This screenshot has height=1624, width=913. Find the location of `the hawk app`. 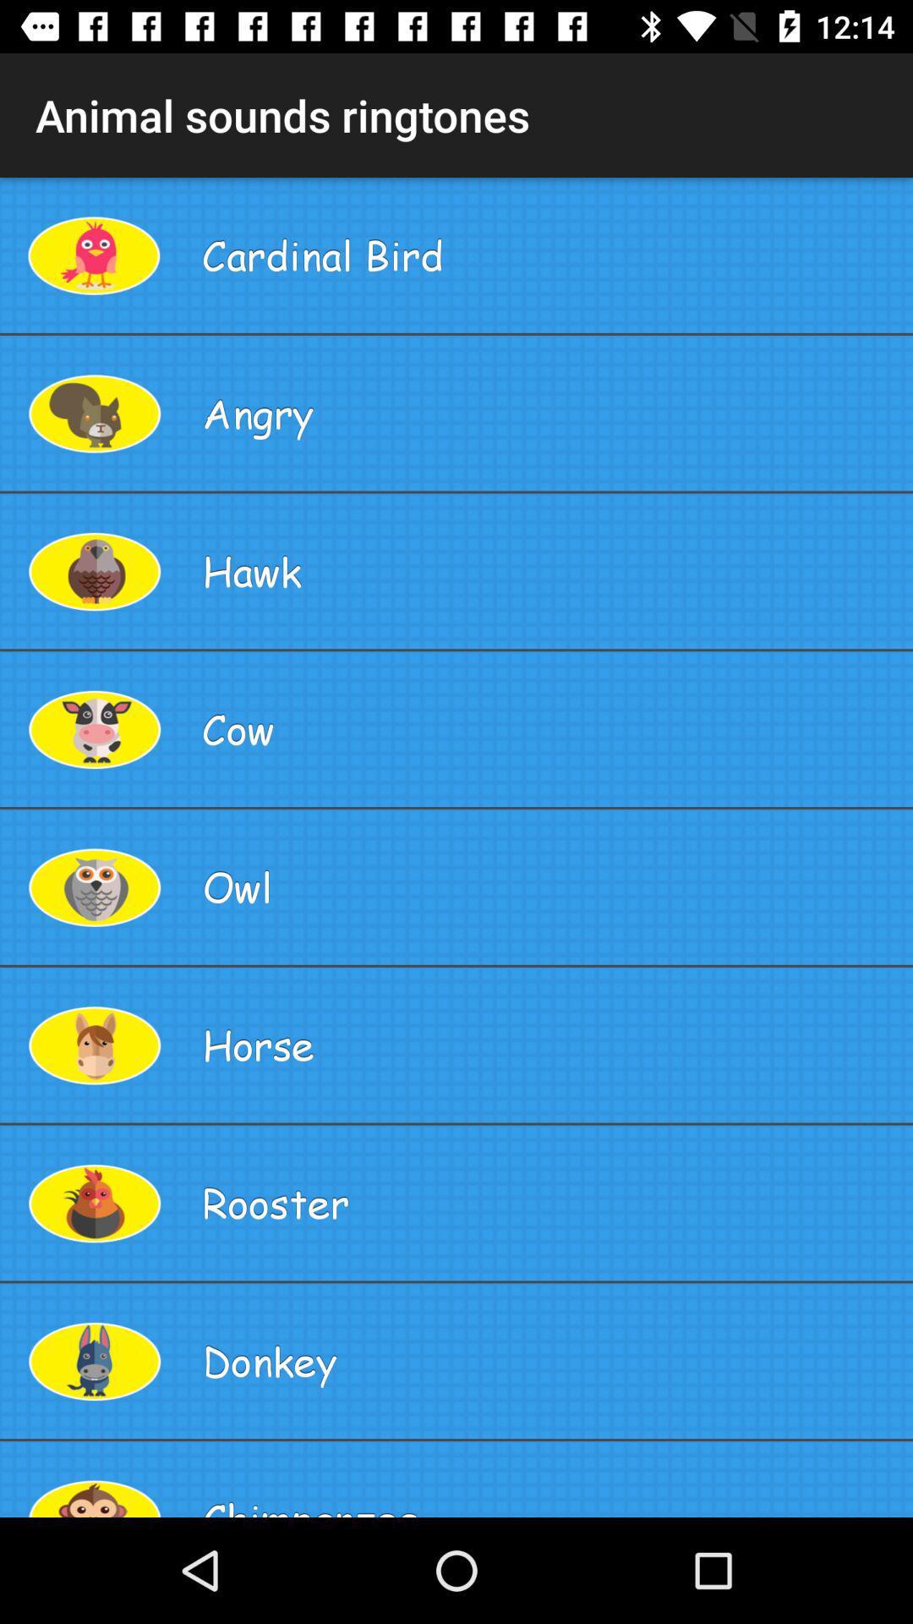

the hawk app is located at coordinates (550, 571).